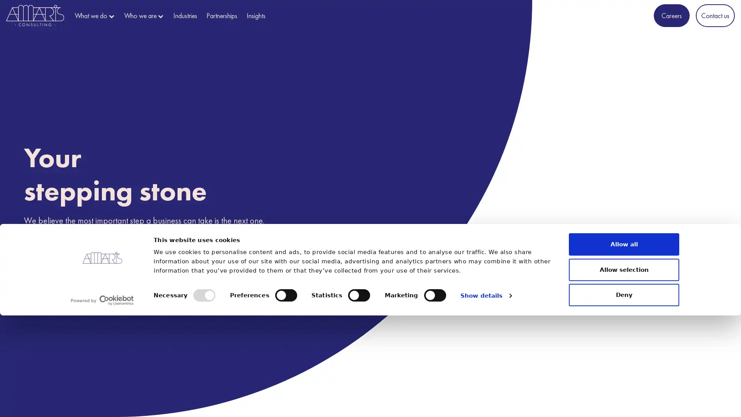  What do you see at coordinates (57, 261) in the screenshot?
I see `Discover us` at bounding box center [57, 261].